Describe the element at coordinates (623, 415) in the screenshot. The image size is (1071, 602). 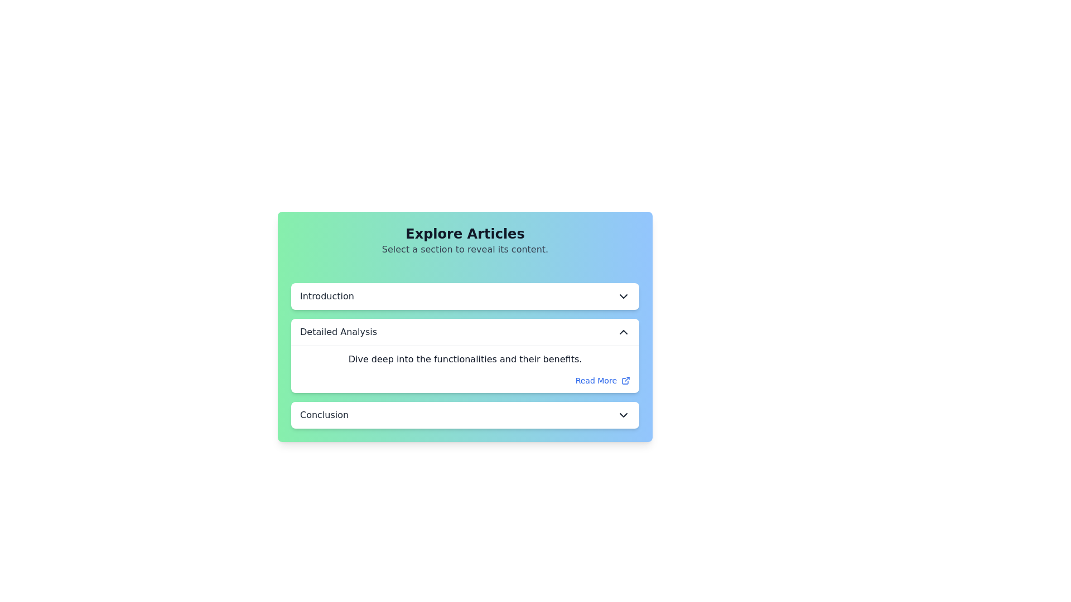
I see `the chevron icon button located at the far right-hand side of the 'Conclusion' section` at that location.